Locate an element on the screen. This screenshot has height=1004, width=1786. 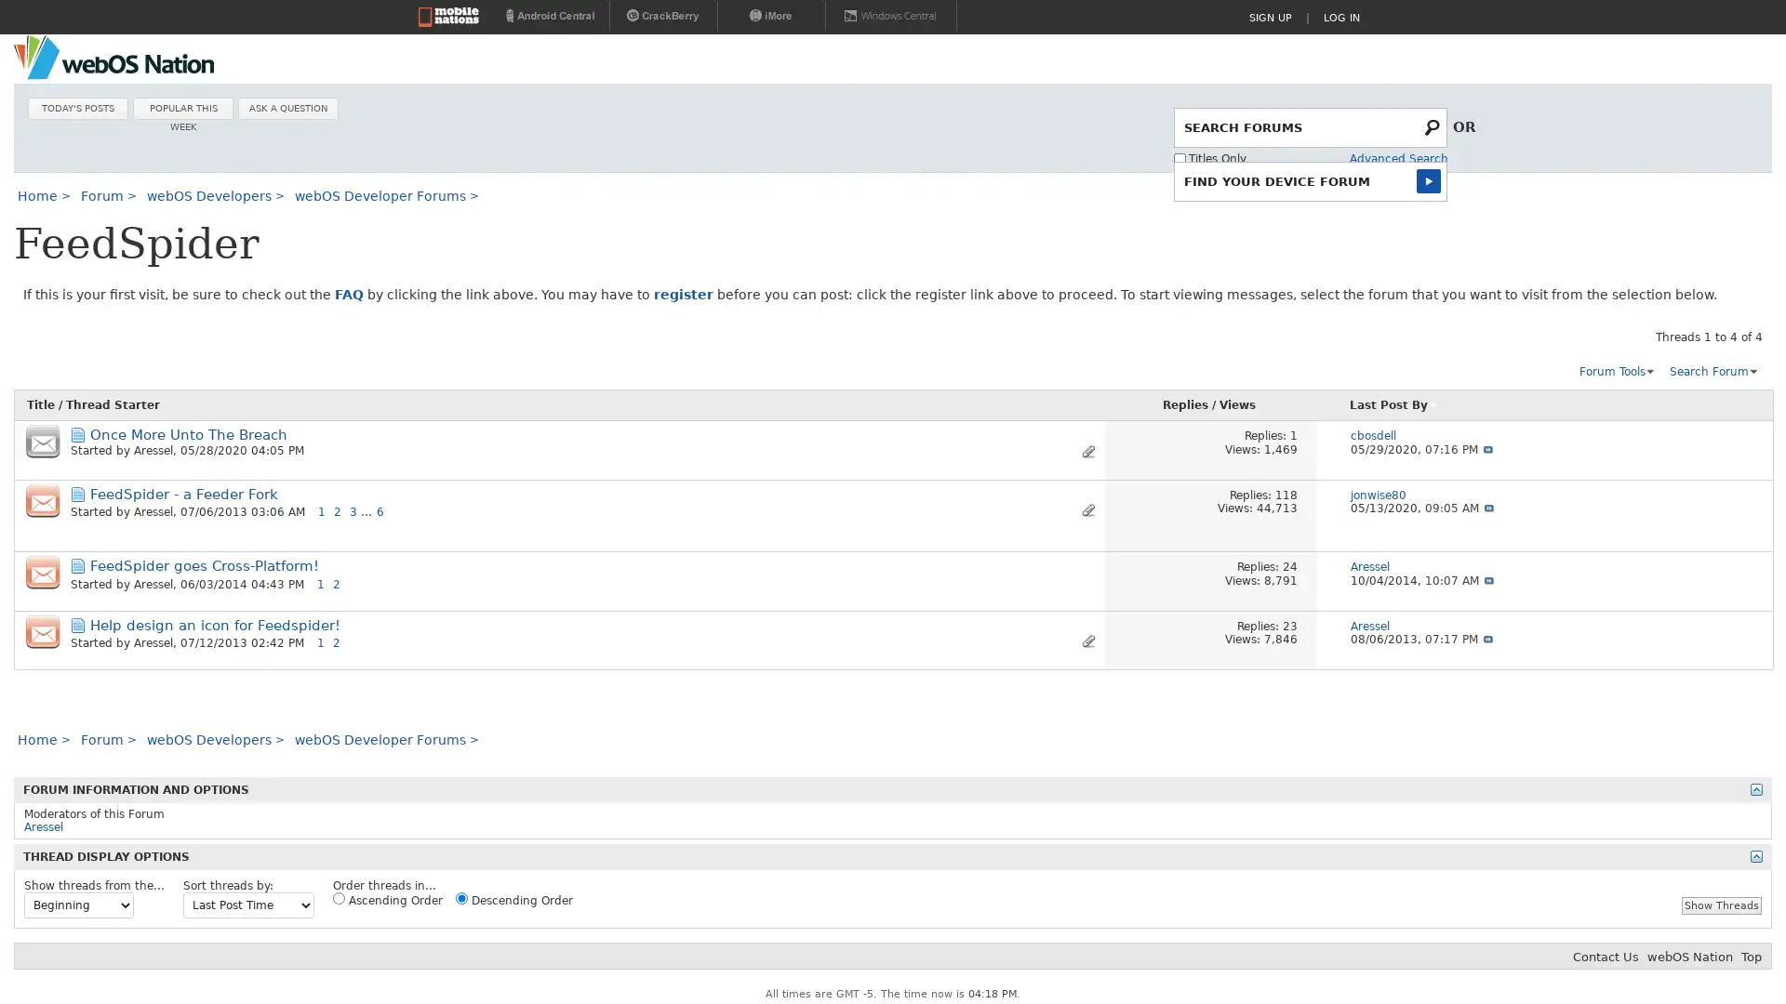
Submit is located at coordinates (1432, 179).